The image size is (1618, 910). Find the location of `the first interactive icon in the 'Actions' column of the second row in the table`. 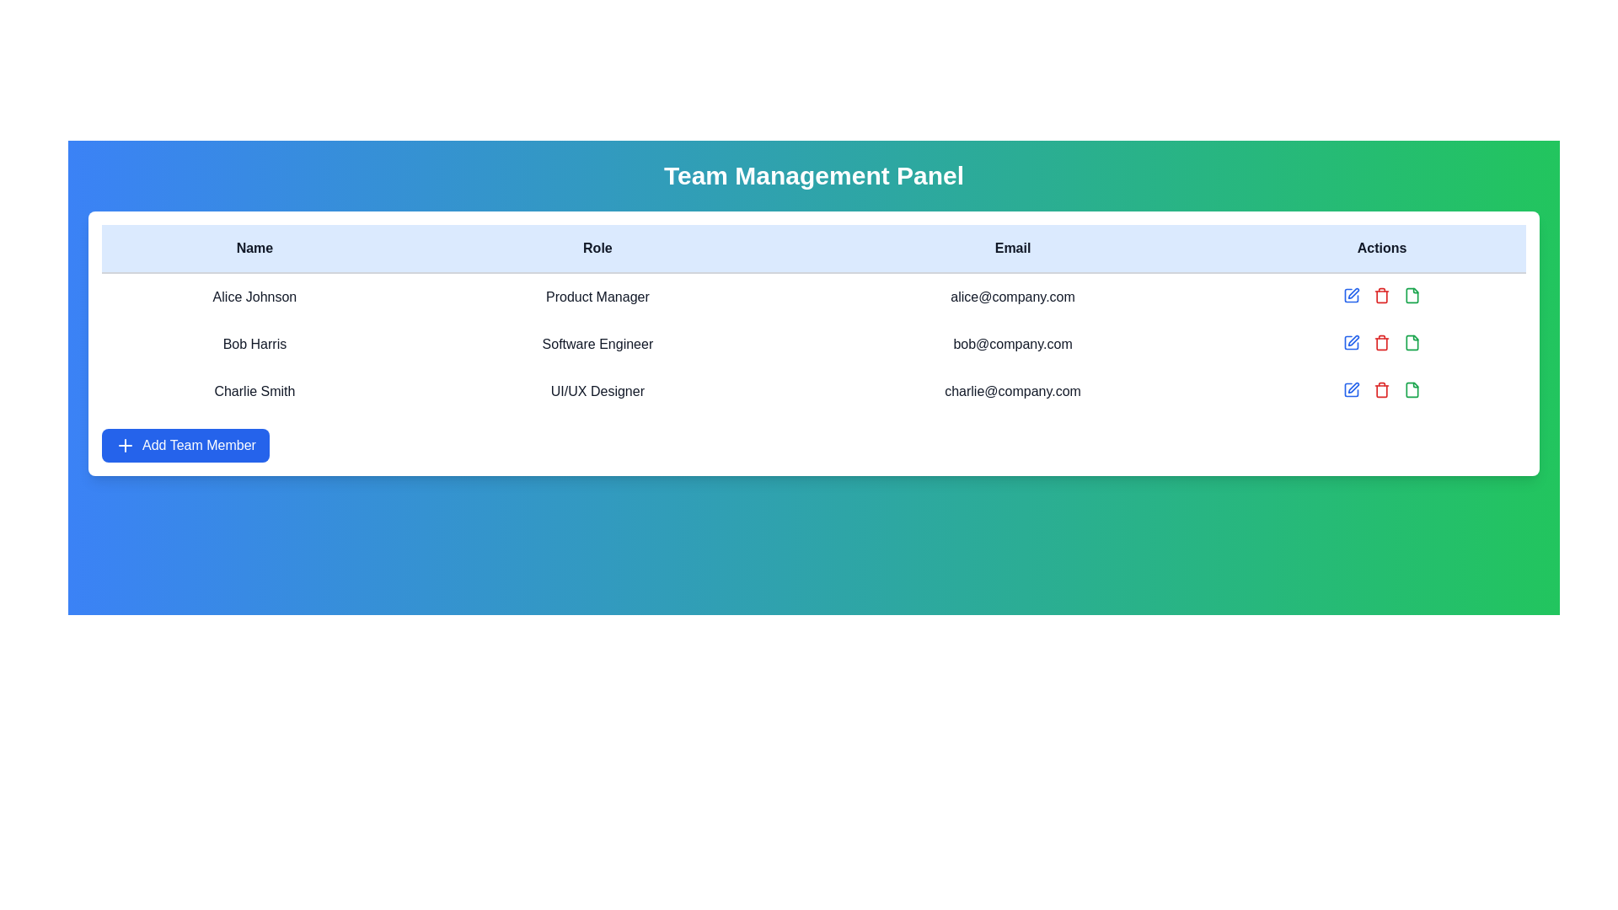

the first interactive icon in the 'Actions' column of the second row in the table is located at coordinates (1351, 295).